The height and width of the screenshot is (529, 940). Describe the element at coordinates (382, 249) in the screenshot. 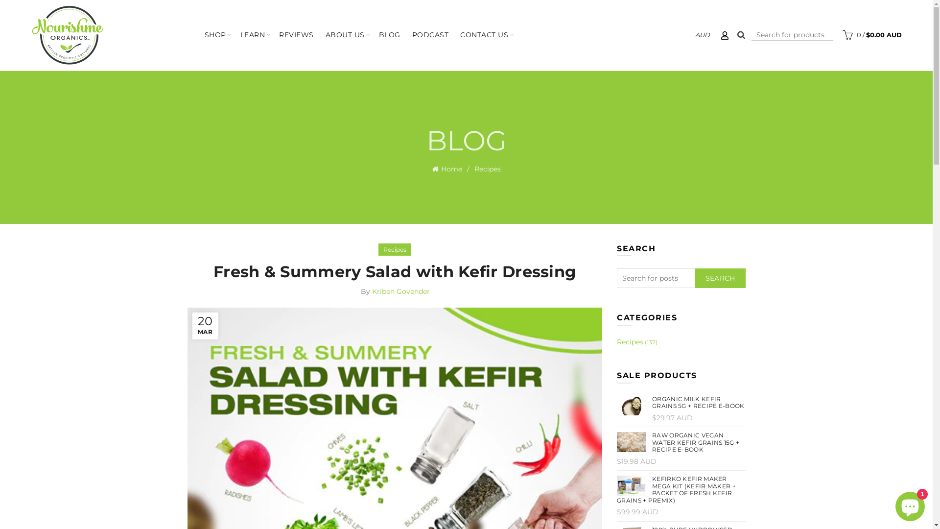

I see `'Recipes'` at that location.